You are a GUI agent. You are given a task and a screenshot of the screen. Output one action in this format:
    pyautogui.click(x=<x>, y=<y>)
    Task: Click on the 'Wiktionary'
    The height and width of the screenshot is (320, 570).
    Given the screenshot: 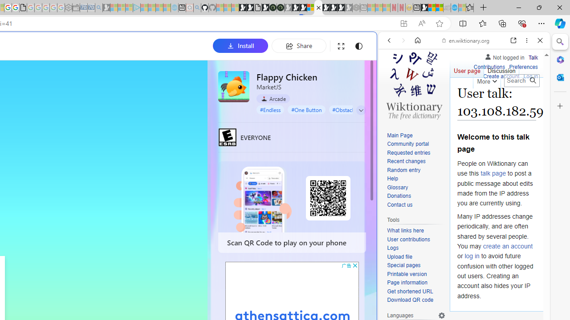 What is the action you would take?
    pyautogui.click(x=460, y=297)
    